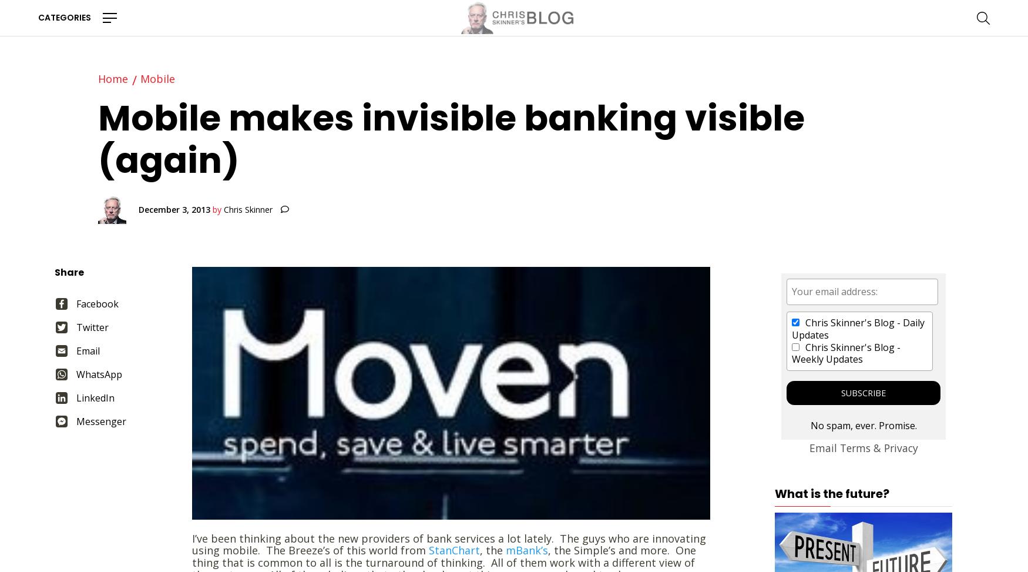  I want to click on 'History', so click(59, 149).